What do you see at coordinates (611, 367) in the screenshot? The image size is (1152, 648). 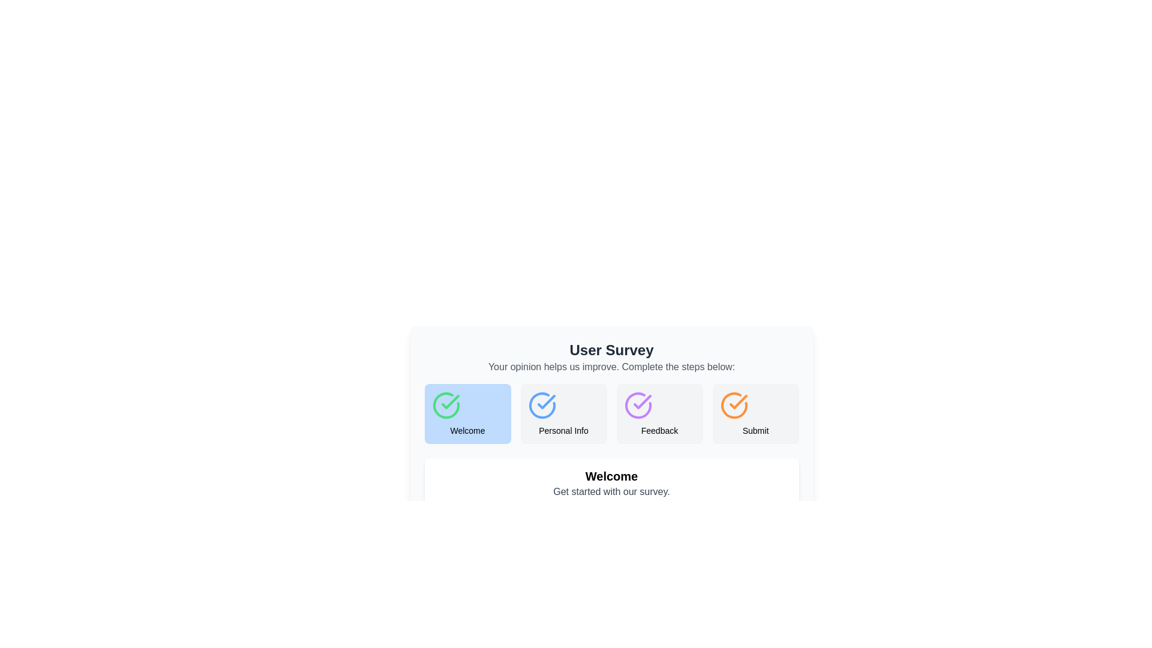 I see `static text label that displays the message: 'Your opinion helps us improve. Complete the steps below.' It is located below the 'User Survey' header and above the option buttons` at bounding box center [611, 367].